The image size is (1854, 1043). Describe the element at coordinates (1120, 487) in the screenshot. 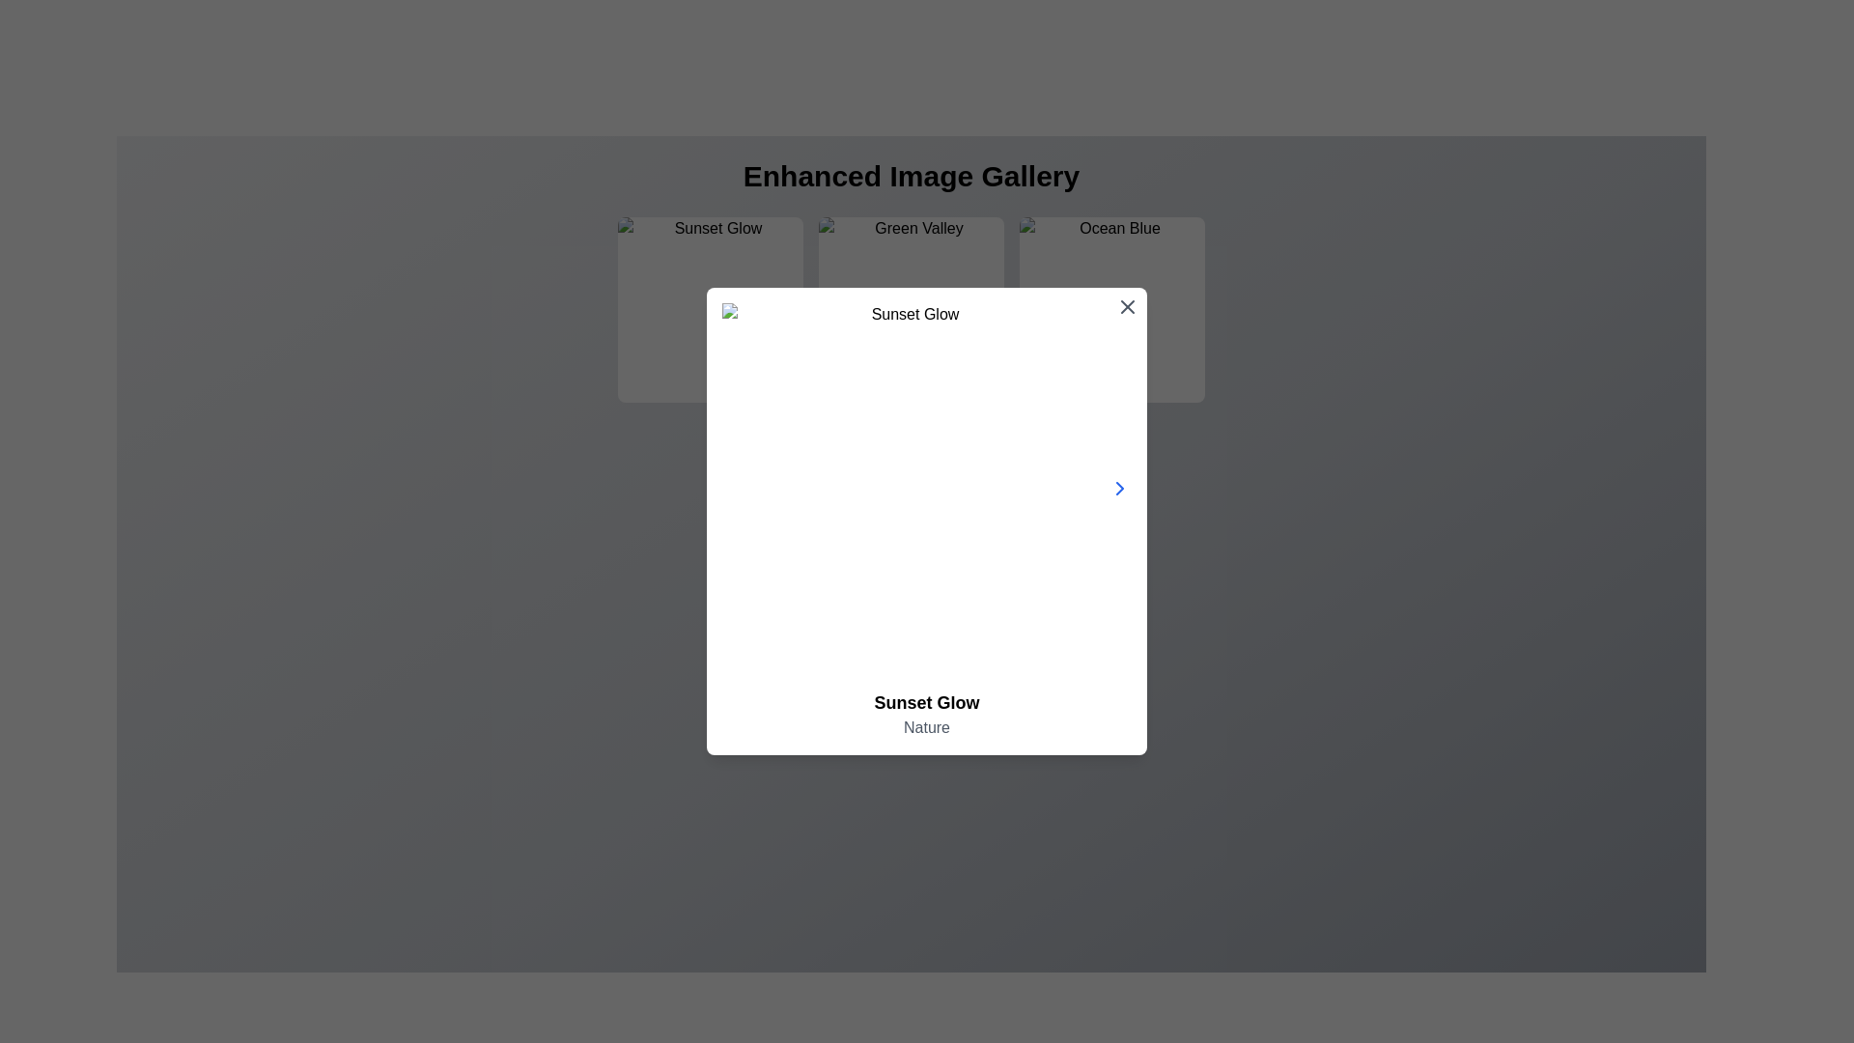

I see `the small rightward-pointing chevron icon, styled with a bold blue color, located in the far right side of the modal interface` at that location.